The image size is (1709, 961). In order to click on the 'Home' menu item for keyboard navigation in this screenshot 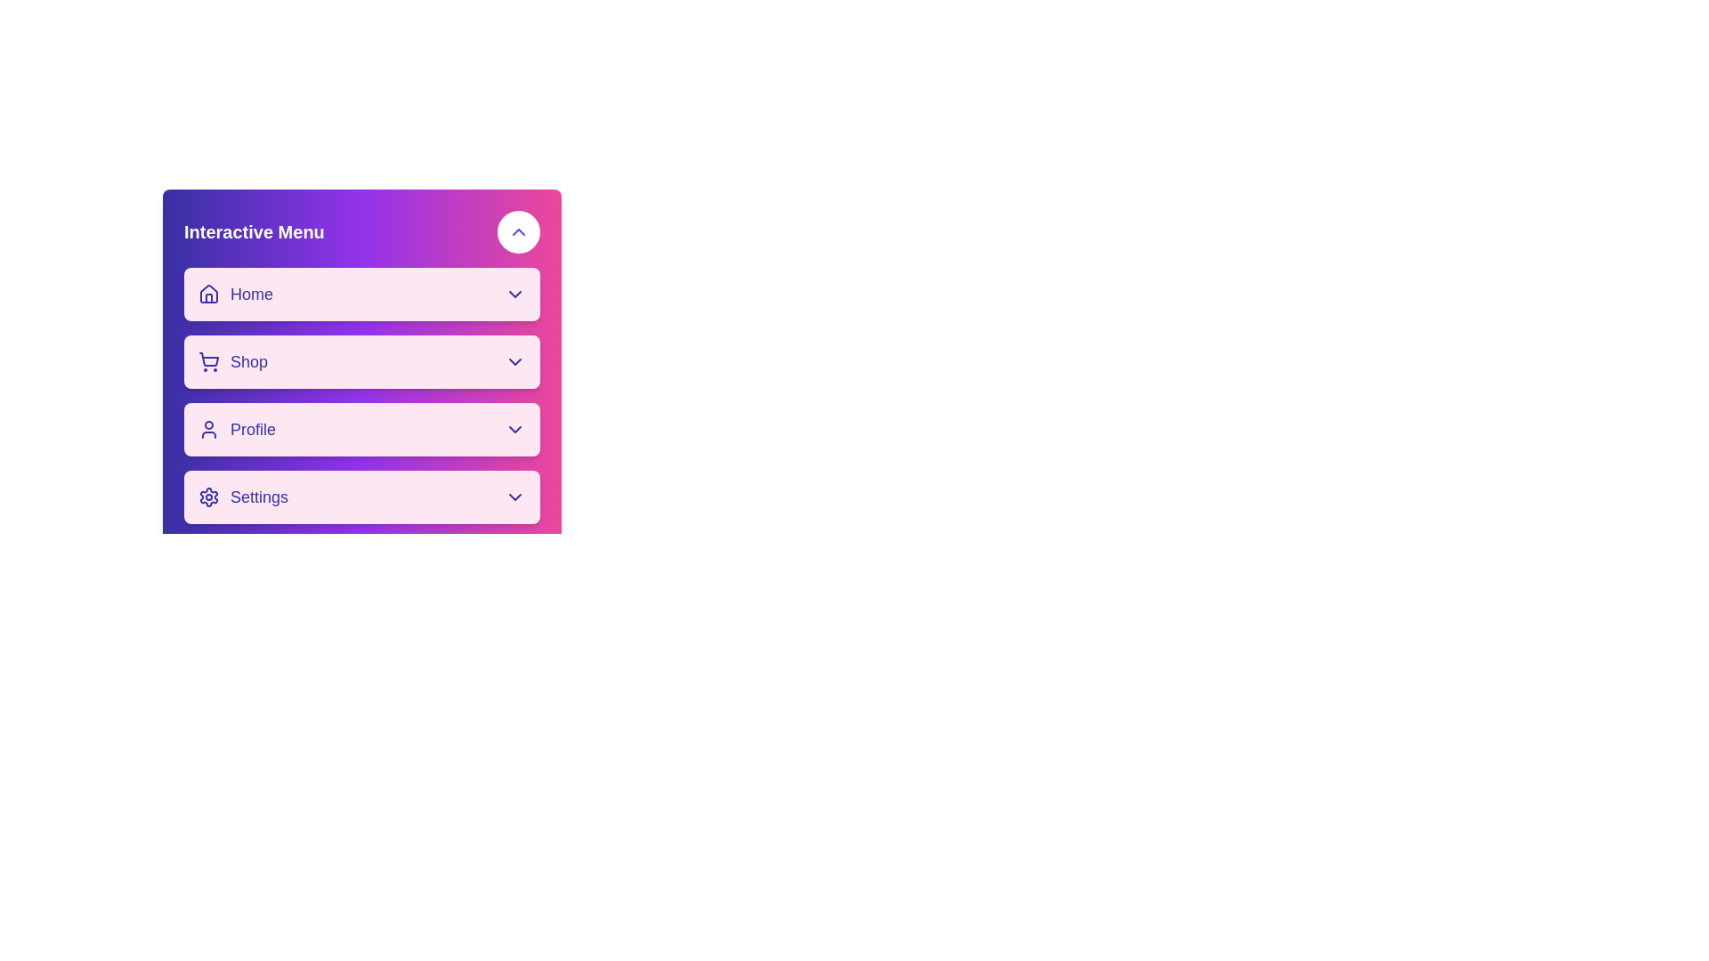, I will do `click(234, 294)`.